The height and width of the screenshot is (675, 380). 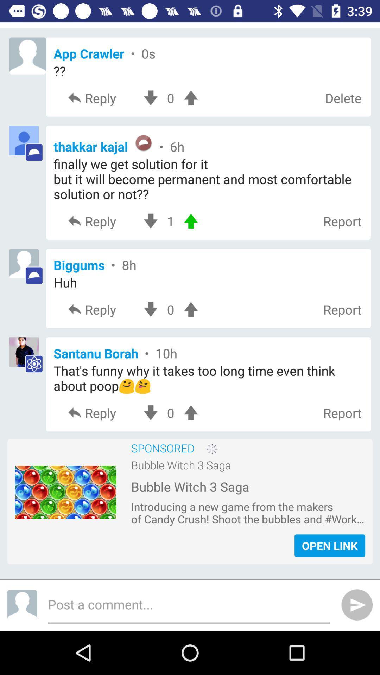 What do you see at coordinates (191, 309) in the screenshot?
I see `the up arrow located in biggums messege` at bounding box center [191, 309].